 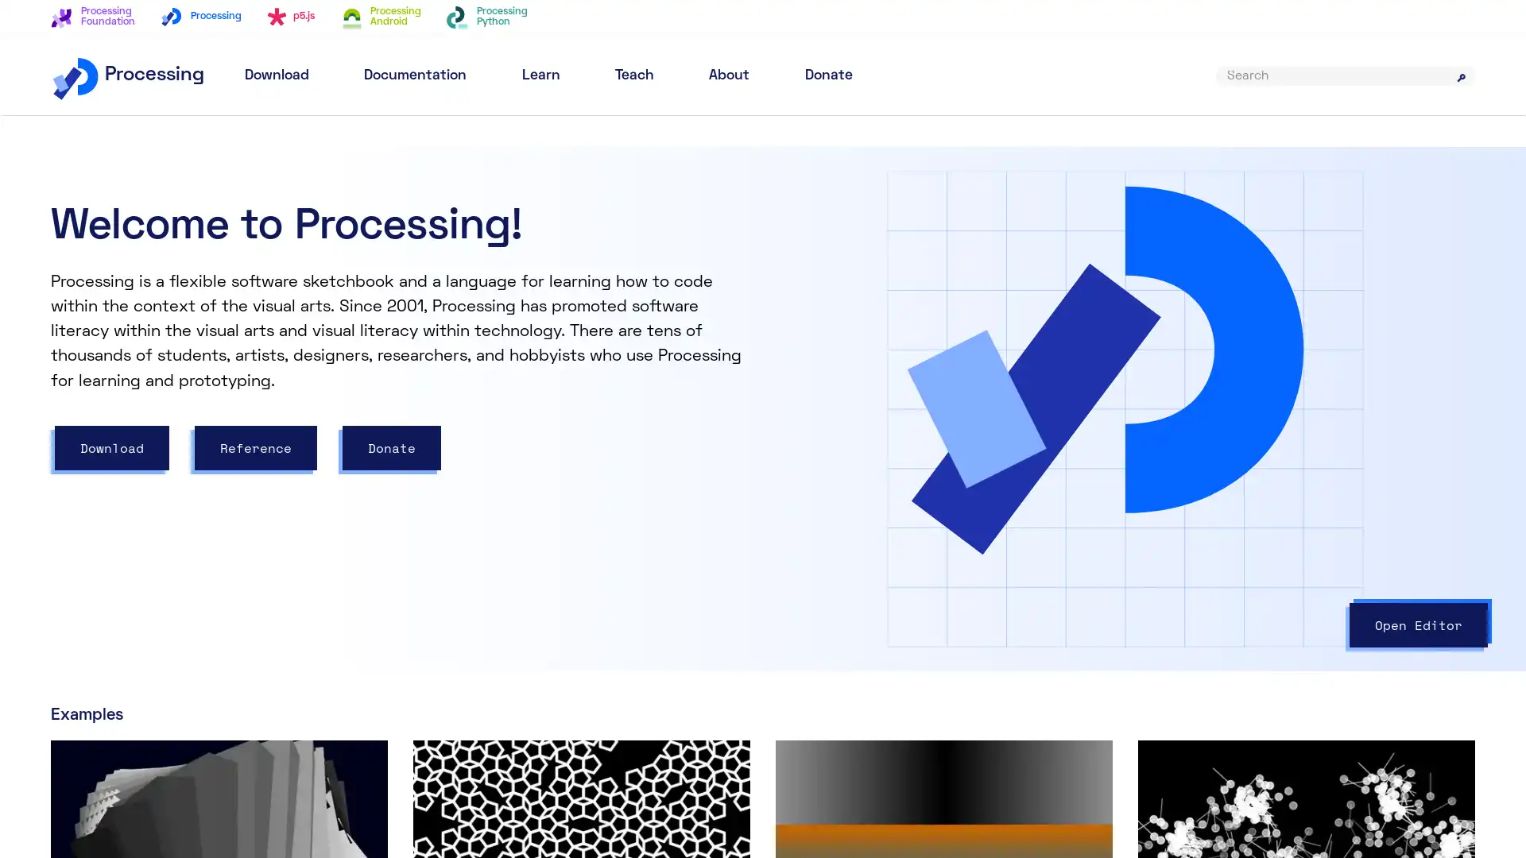 What do you see at coordinates (891, 416) in the screenshot?
I see `change position` at bounding box center [891, 416].